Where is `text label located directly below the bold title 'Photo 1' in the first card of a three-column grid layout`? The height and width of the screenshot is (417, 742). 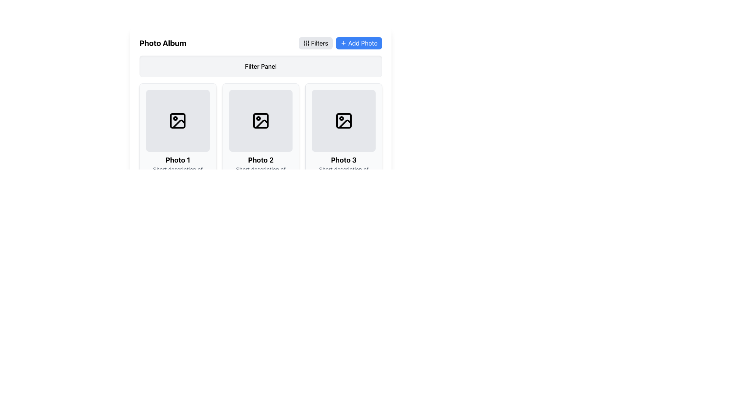
text label located directly below the bold title 'Photo 1' in the first card of a three-column grid layout is located at coordinates (177, 173).